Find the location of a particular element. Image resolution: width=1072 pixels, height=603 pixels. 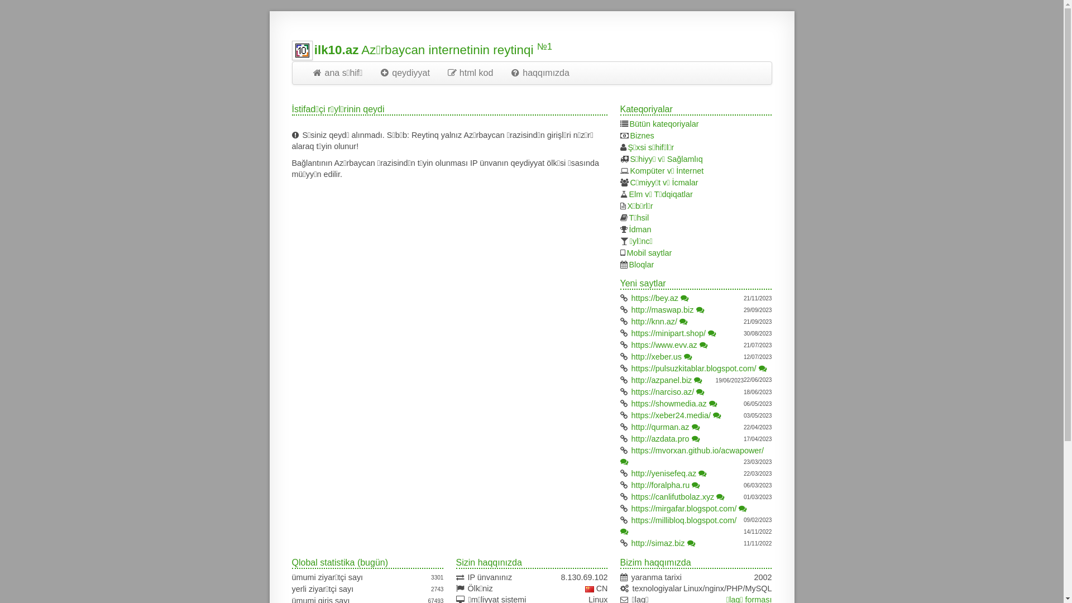

'http://simaz.biz' is located at coordinates (631, 542).